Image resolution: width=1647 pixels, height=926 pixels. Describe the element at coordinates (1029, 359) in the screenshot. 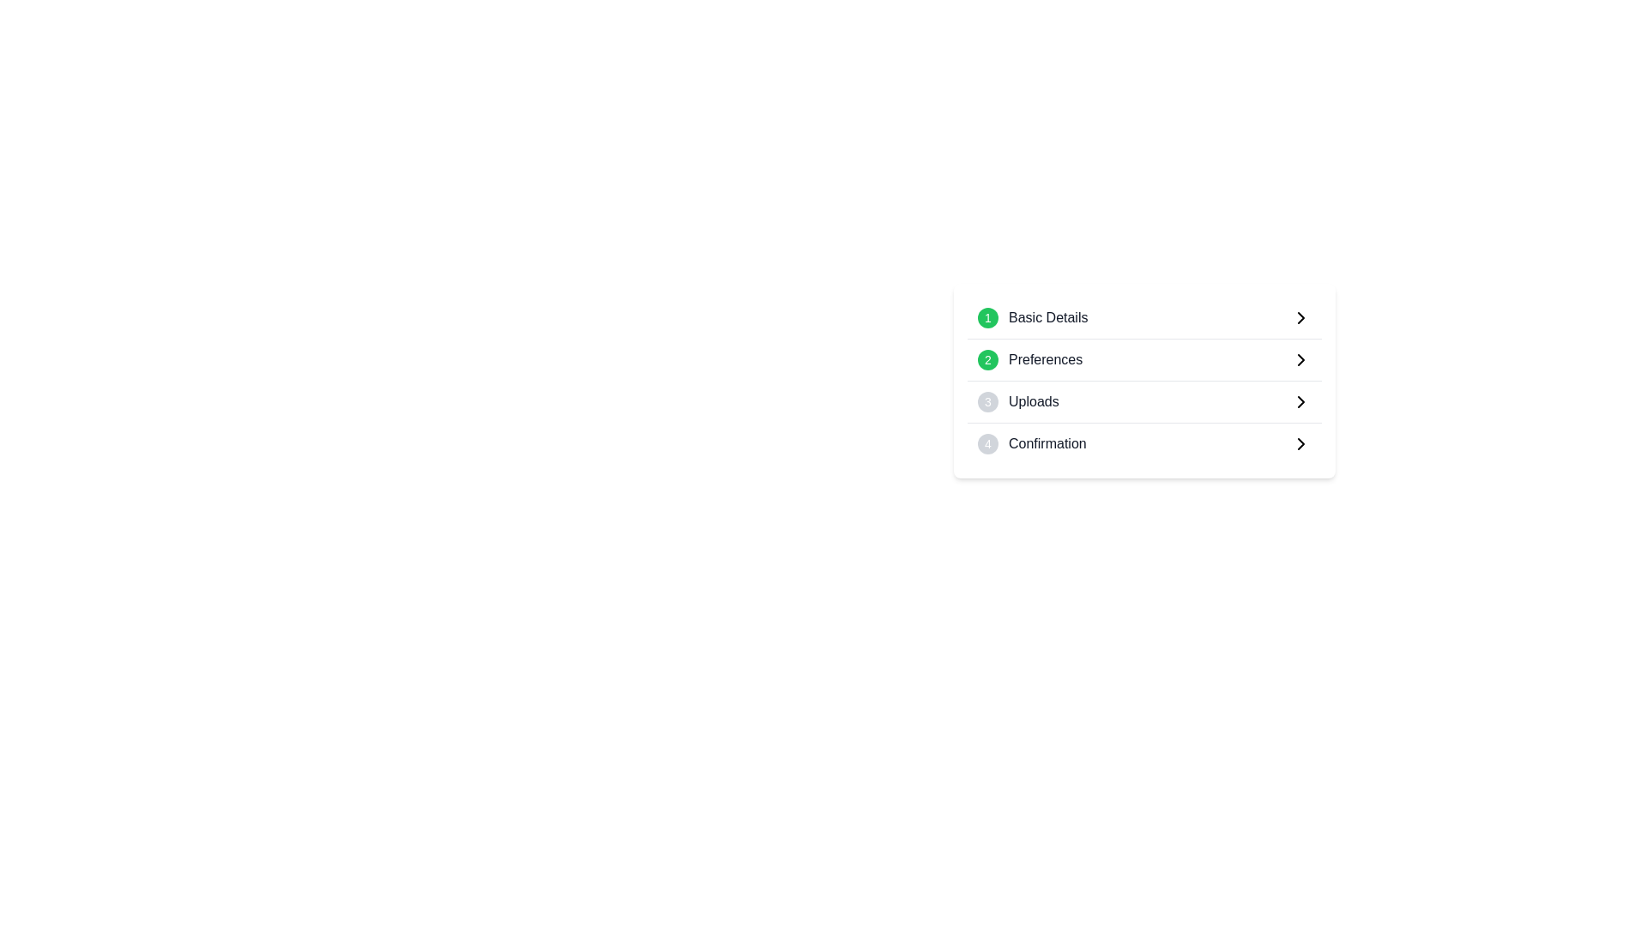

I see `the second step indicator labeled 'Preferences' in the vertical list` at that location.